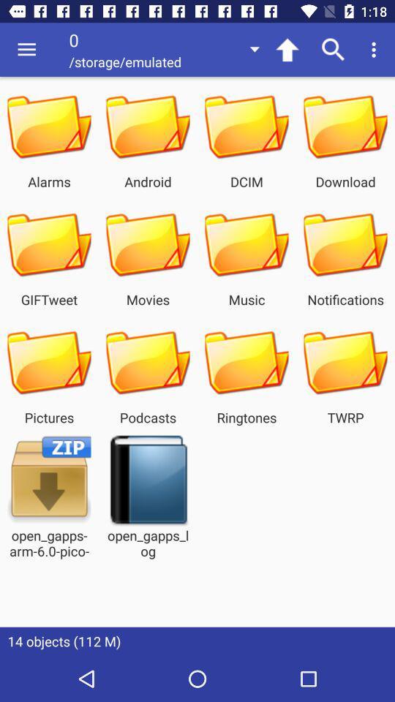 This screenshot has width=395, height=702. Describe the element at coordinates (148, 245) in the screenshot. I see `the movie folder icon` at that location.